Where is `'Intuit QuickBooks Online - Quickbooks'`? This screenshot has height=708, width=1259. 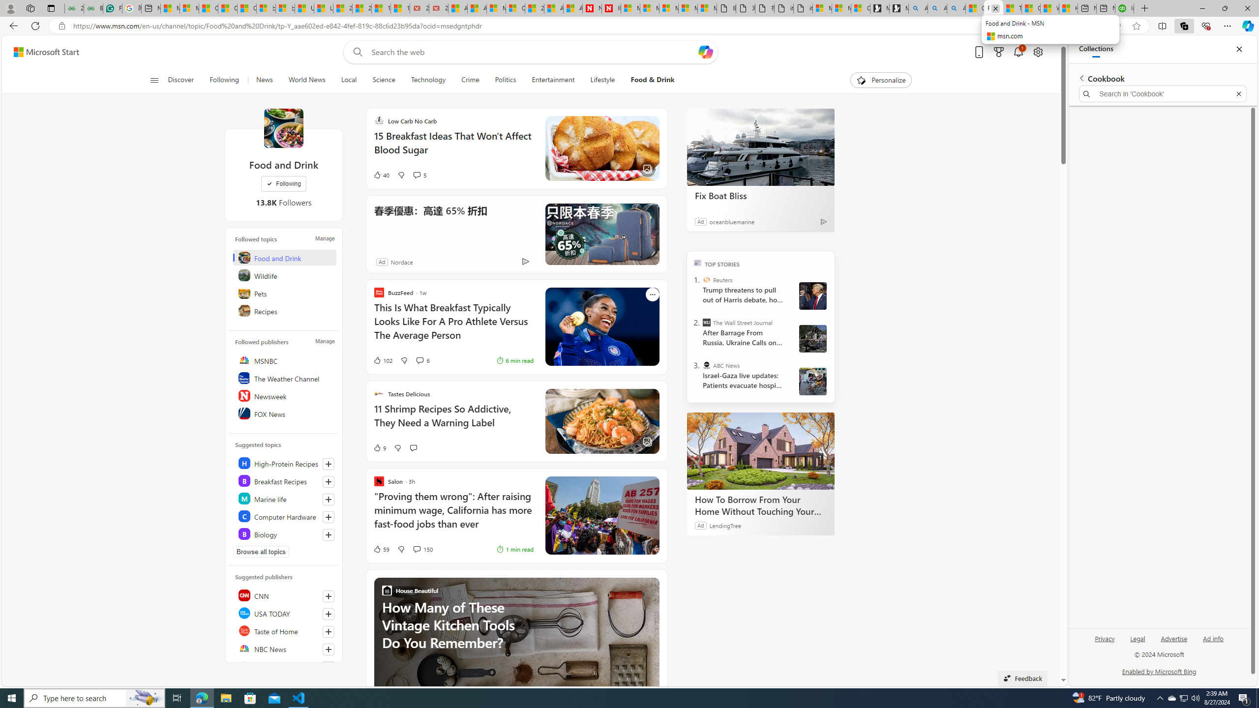
'Intuit QuickBooks Online - Quickbooks' is located at coordinates (1124, 8).